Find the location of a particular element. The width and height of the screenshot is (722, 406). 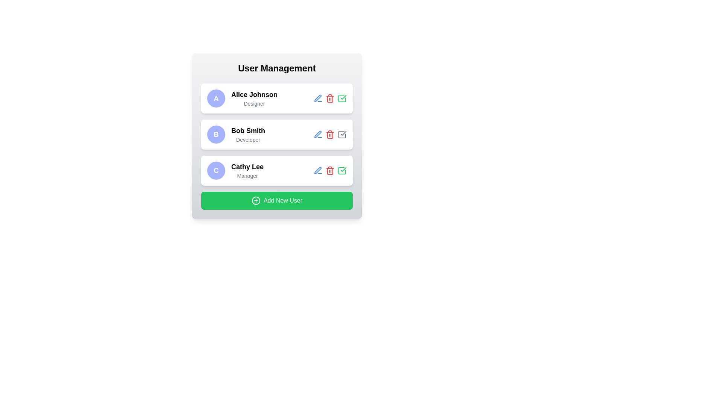

the edit button associated with the user 'Alice Johnson' is located at coordinates (318, 98).